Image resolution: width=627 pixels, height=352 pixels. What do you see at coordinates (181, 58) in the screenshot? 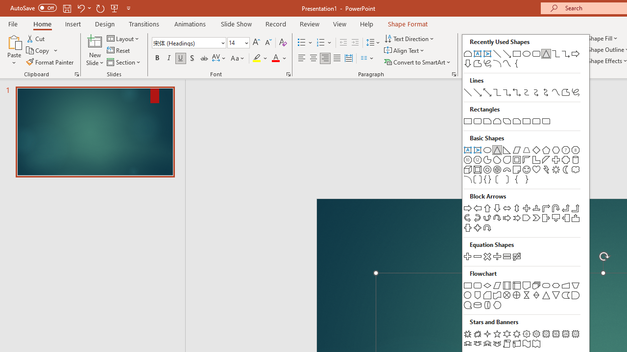
I see `'Underline'` at bounding box center [181, 58].